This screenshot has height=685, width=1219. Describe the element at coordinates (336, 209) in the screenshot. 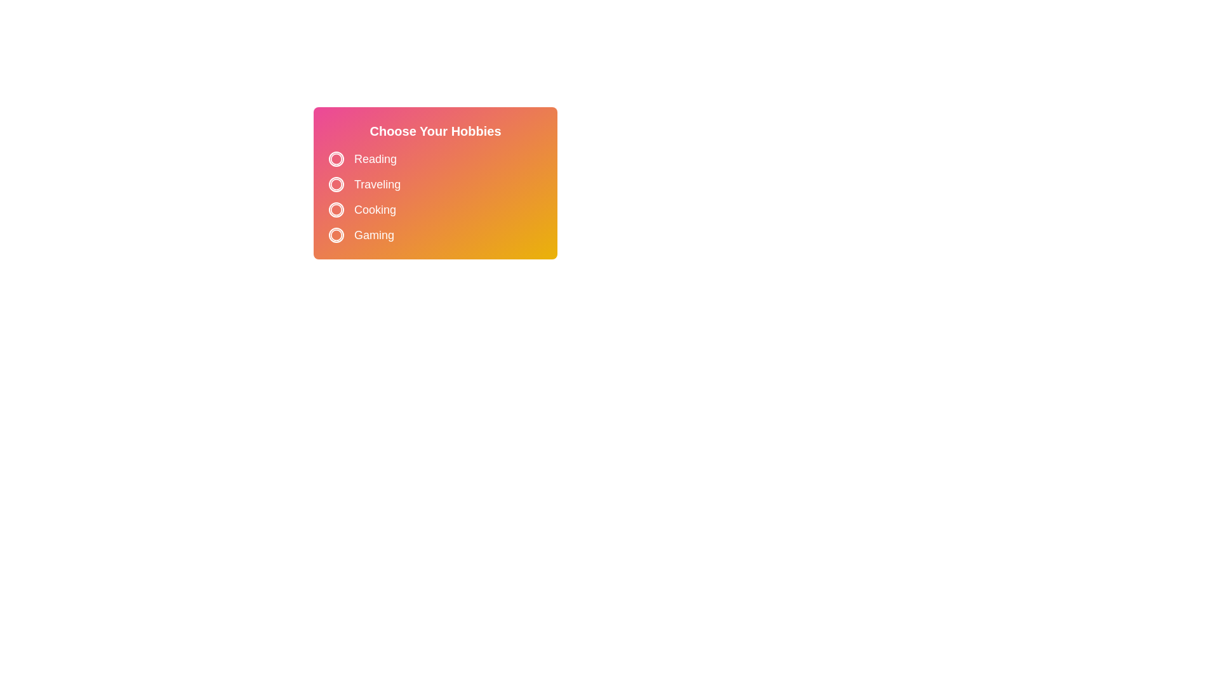

I see `the circle button corresponding to the hobby Cooking` at that location.